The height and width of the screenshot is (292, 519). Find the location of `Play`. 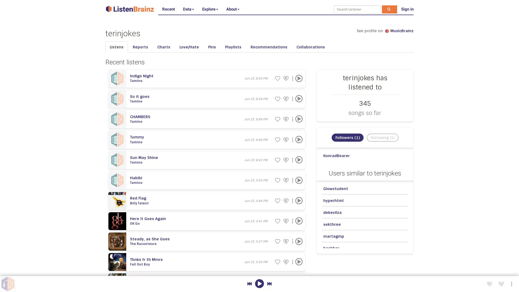

Play is located at coordinates (259, 283).